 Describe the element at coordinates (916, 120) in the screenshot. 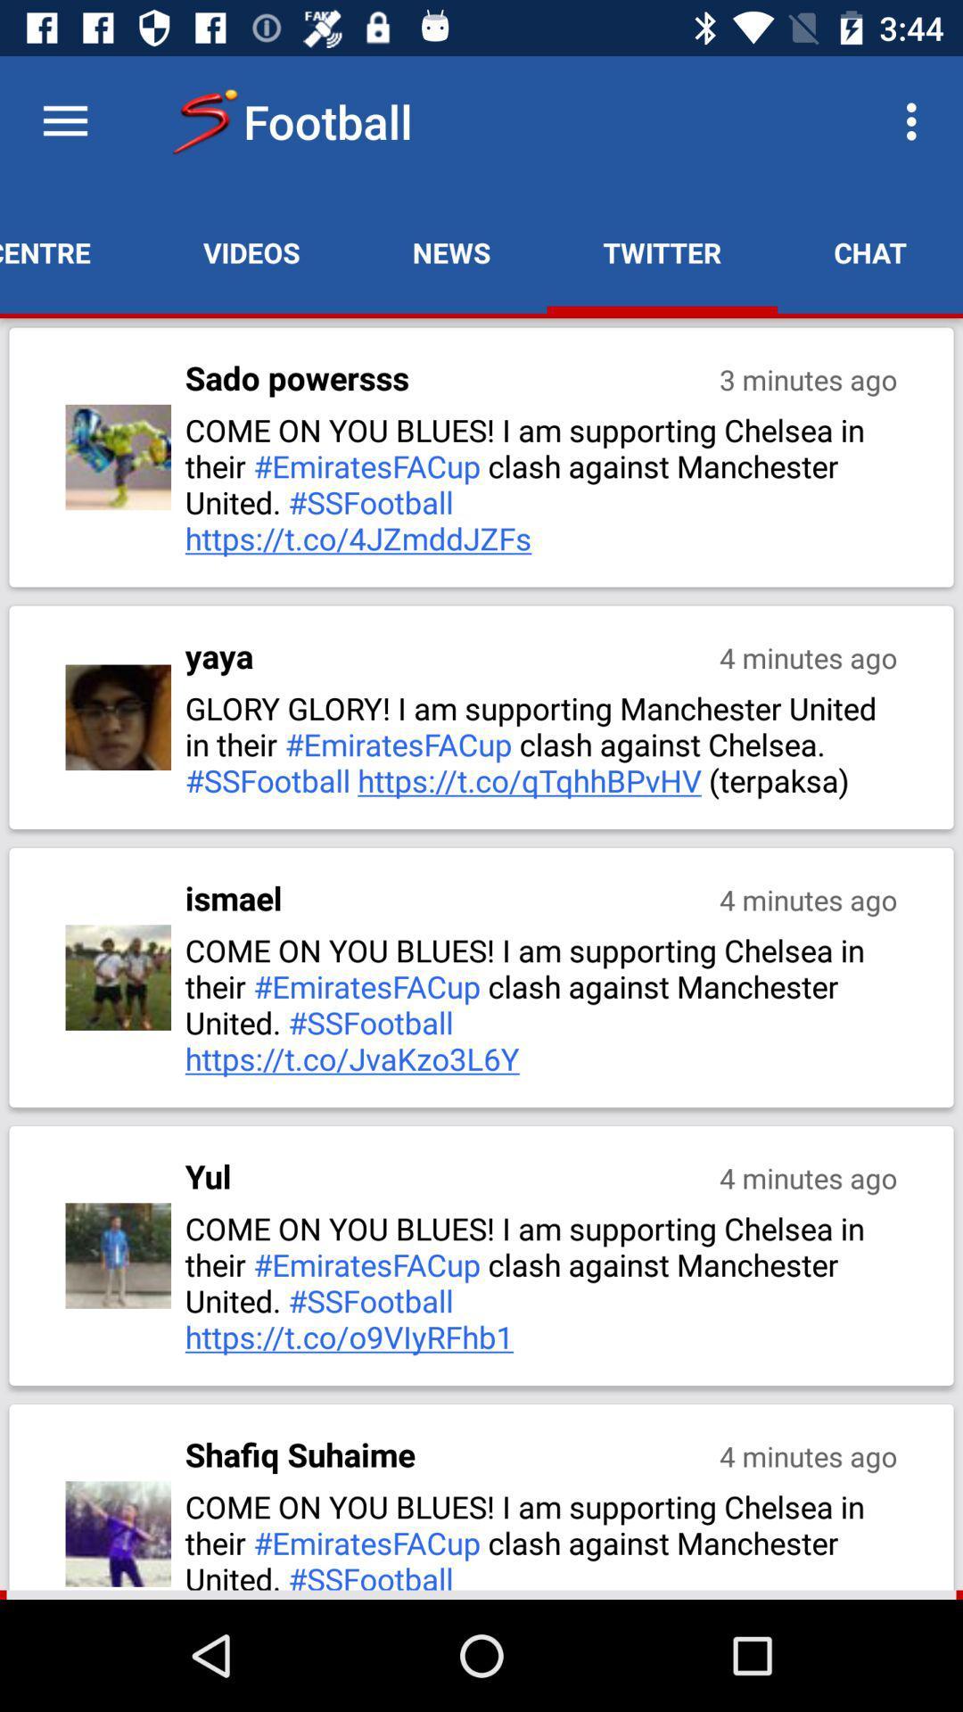

I see `item above chat item` at that location.